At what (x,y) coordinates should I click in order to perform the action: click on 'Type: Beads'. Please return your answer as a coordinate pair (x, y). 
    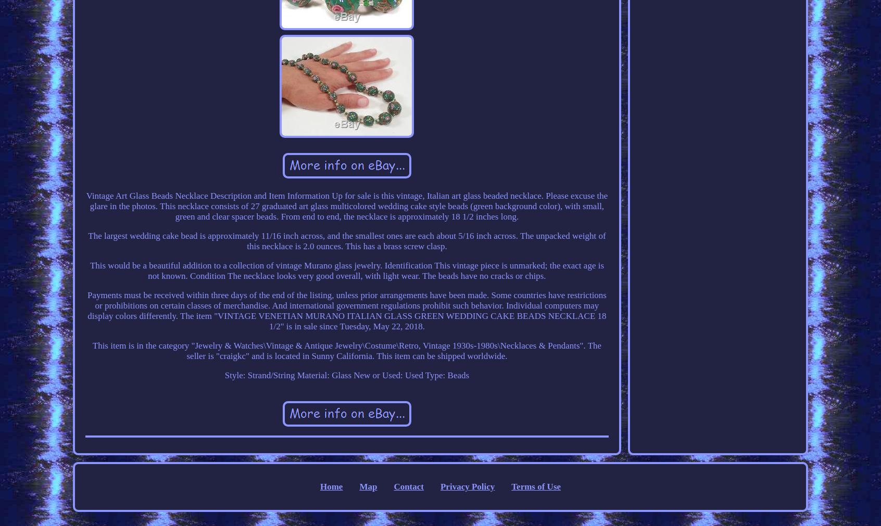
    Looking at the image, I should click on (446, 374).